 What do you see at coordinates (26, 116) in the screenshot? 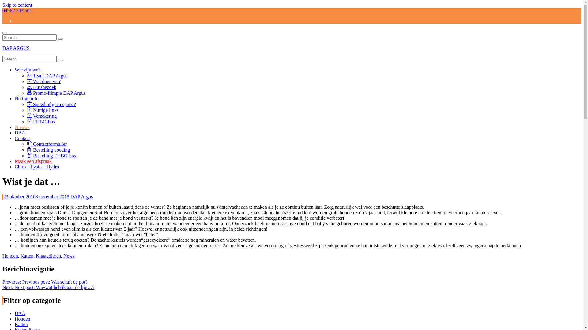
I see `'Verzekering'` at bounding box center [26, 116].